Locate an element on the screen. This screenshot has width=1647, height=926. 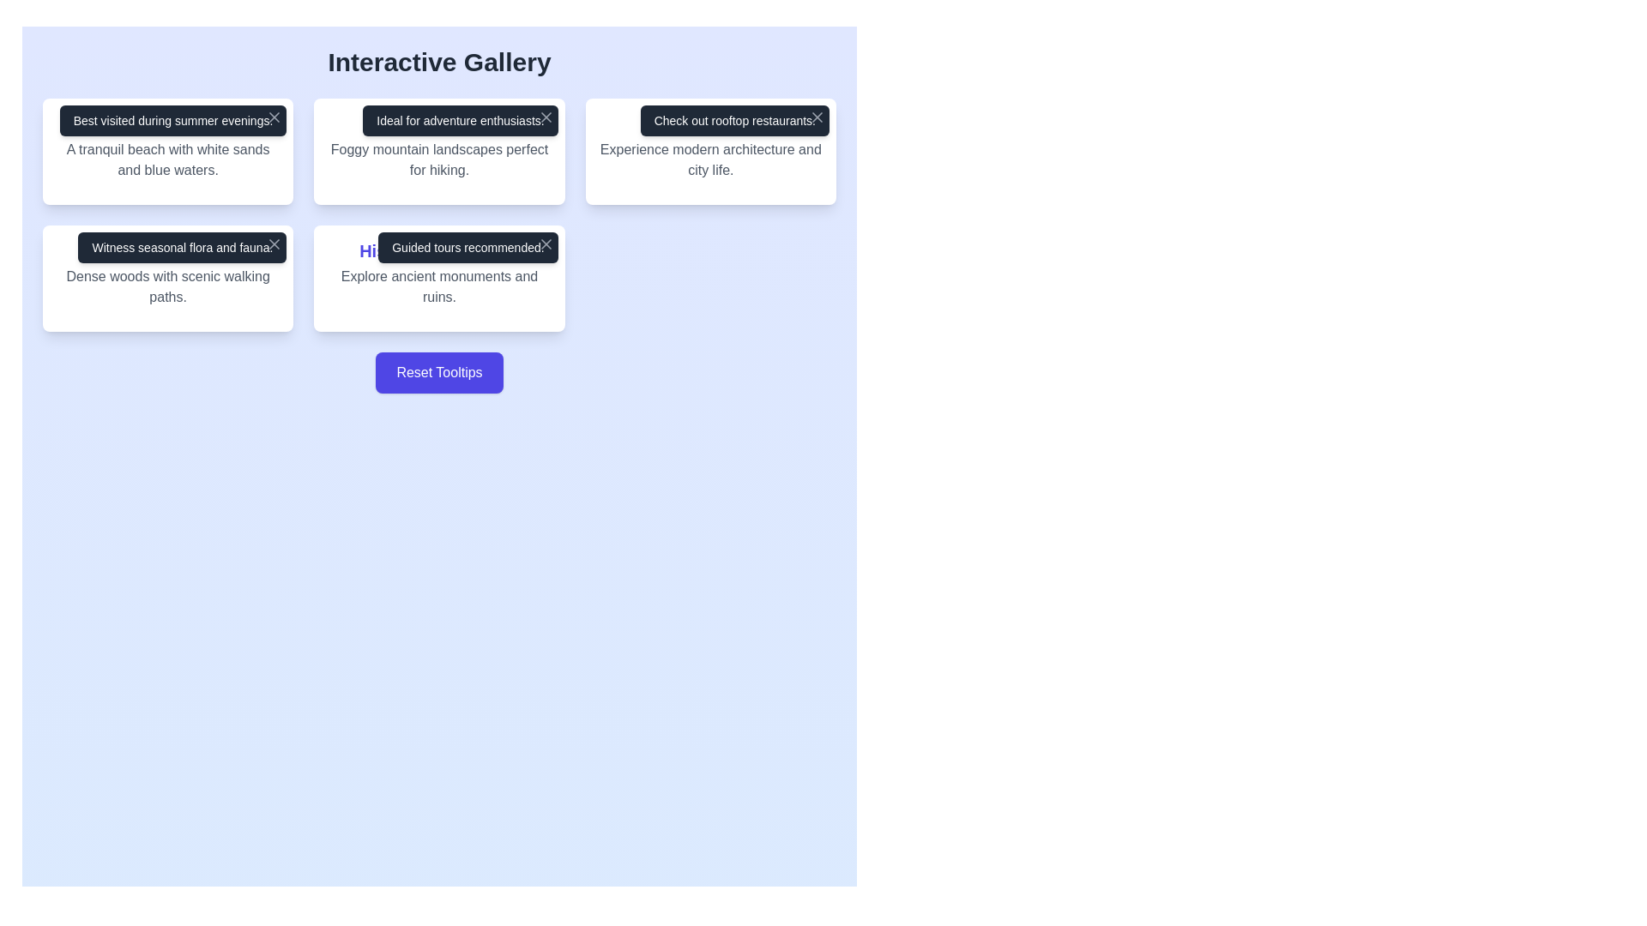
the close button located at the top-right corner of the tooltip displaying 'Check out rooftop restaurants.' is located at coordinates (817, 117).